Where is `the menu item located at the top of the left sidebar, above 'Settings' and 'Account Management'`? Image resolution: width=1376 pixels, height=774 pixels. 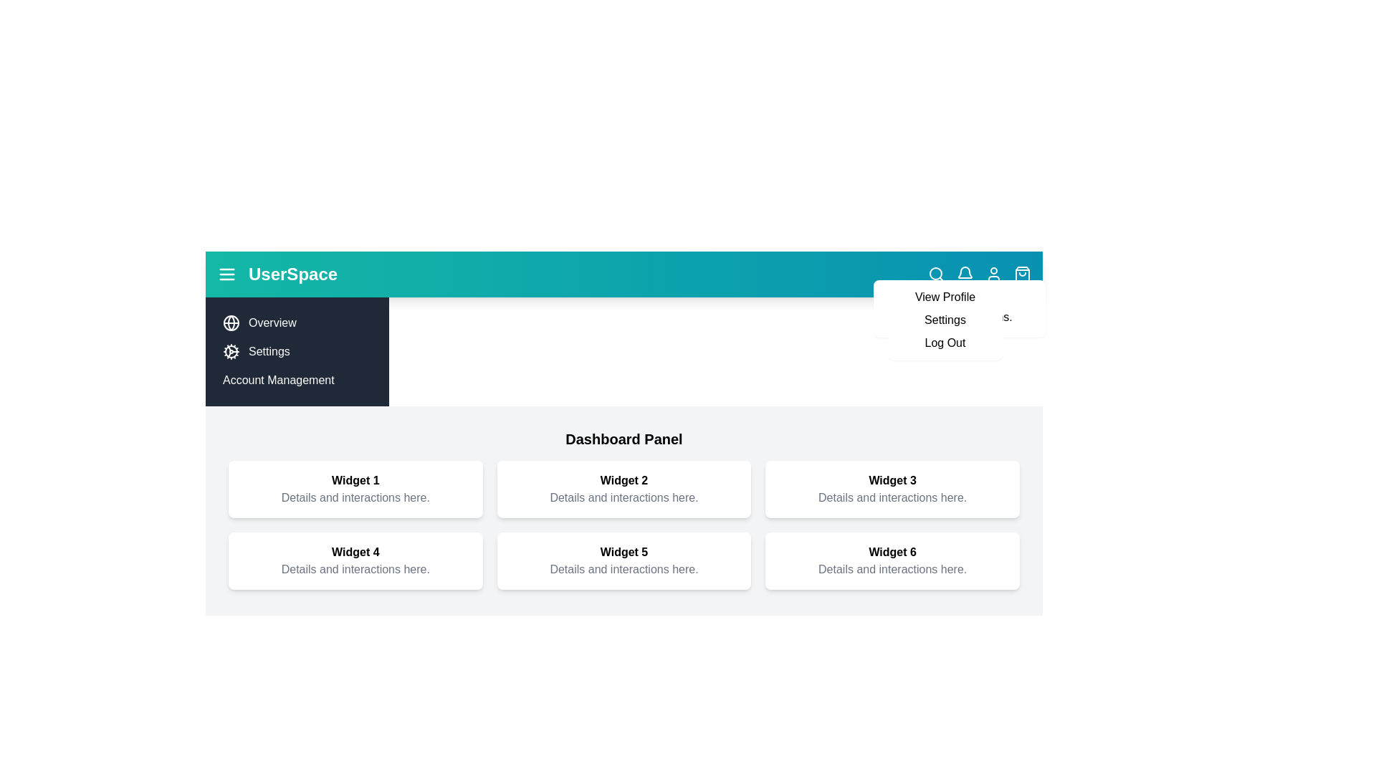
the menu item located at the top of the left sidebar, above 'Settings' and 'Account Management' is located at coordinates (296, 323).